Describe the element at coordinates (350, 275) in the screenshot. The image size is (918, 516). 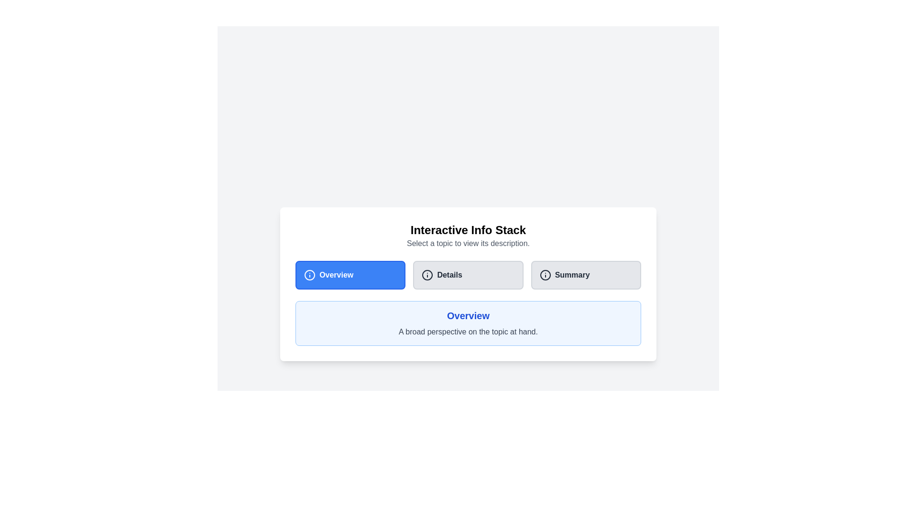
I see `the bright blue 'Overview' button with an information icon` at that location.